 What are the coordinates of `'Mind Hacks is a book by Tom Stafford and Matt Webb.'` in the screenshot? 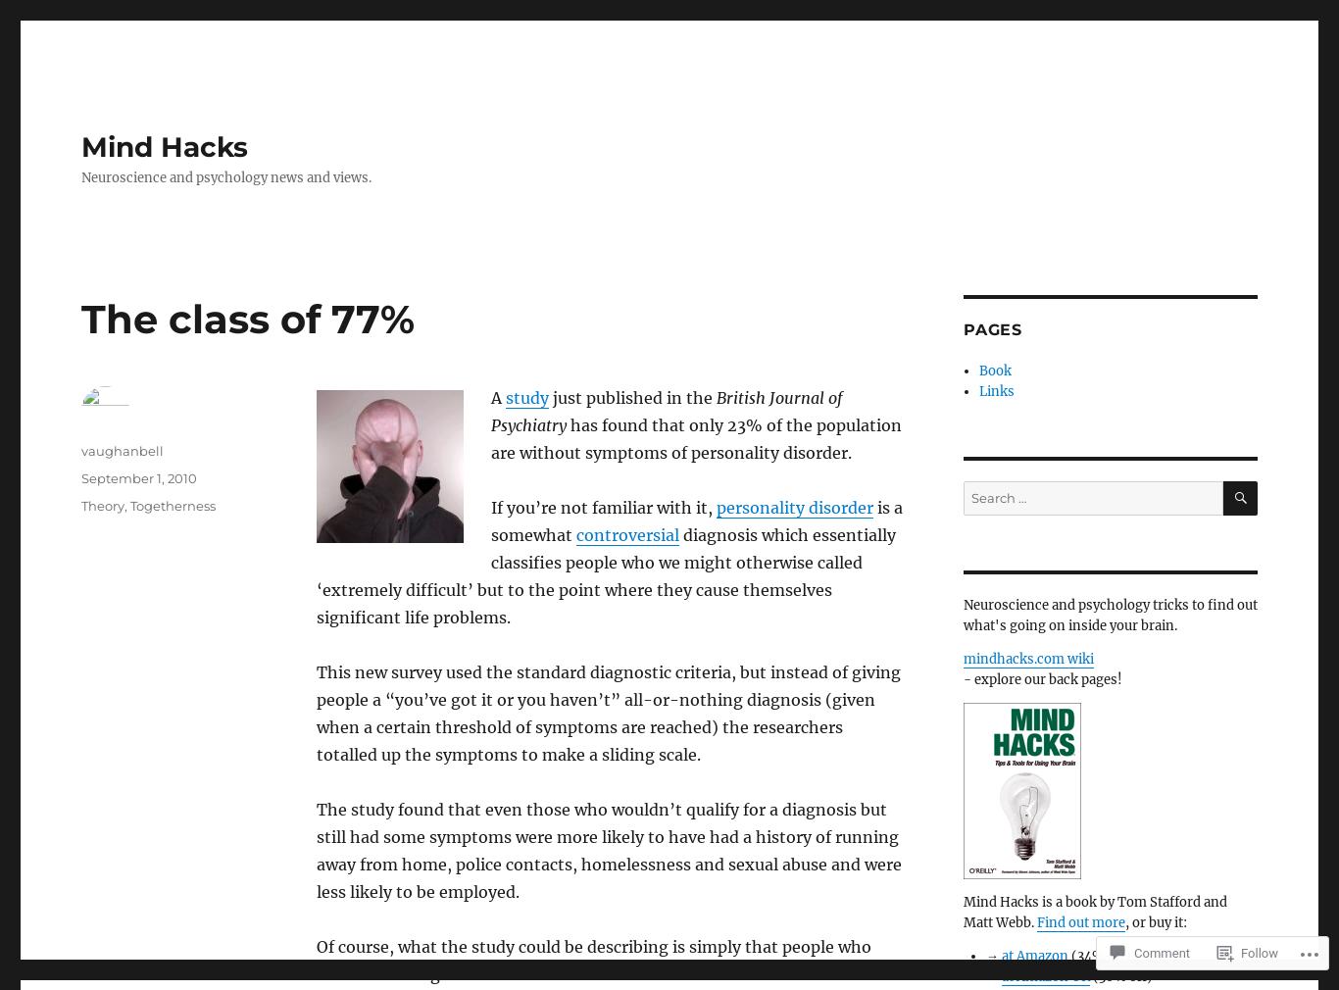 It's located at (963, 913).